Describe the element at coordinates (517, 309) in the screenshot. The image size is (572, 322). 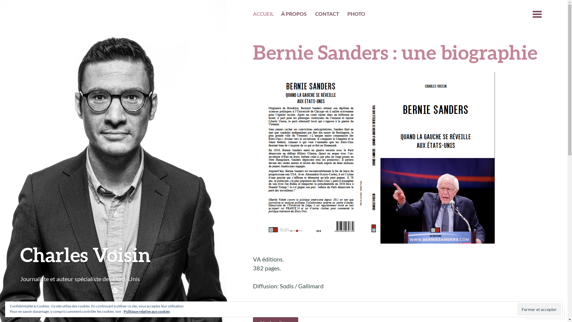
I see `'Fermer et accepter'` at that location.